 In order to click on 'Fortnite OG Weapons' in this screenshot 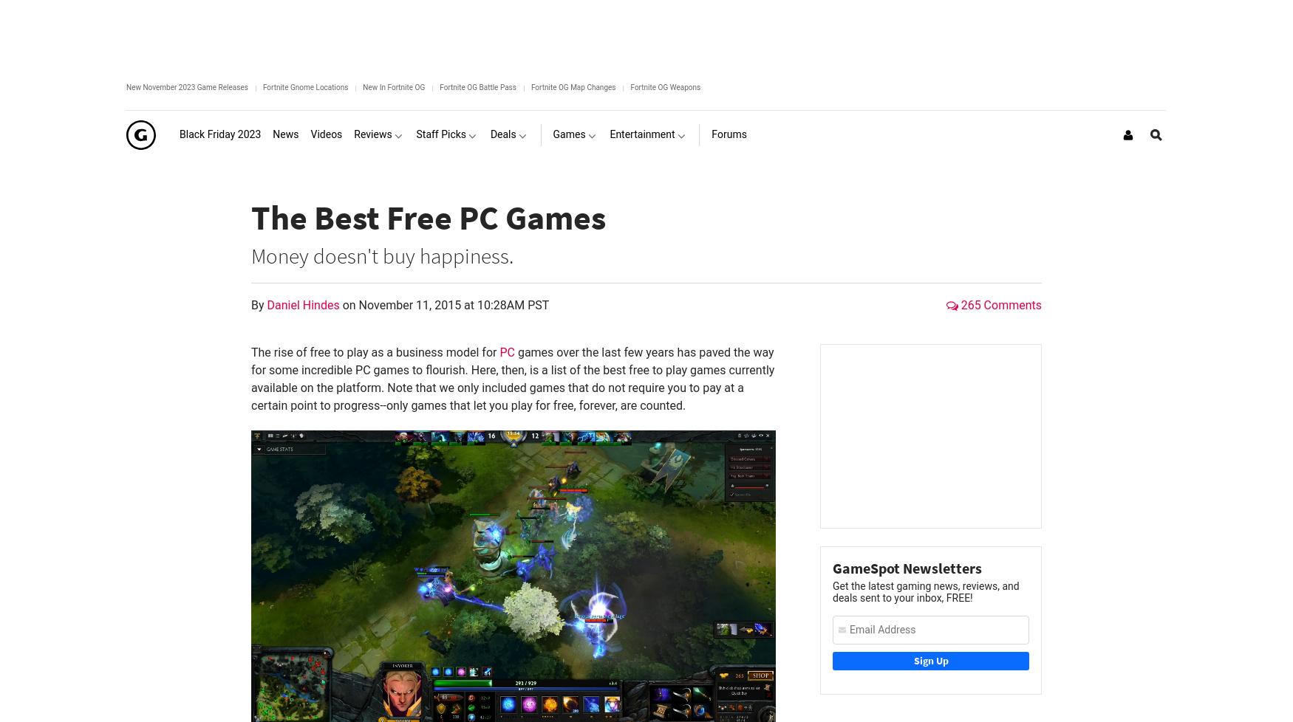, I will do `click(664, 87)`.